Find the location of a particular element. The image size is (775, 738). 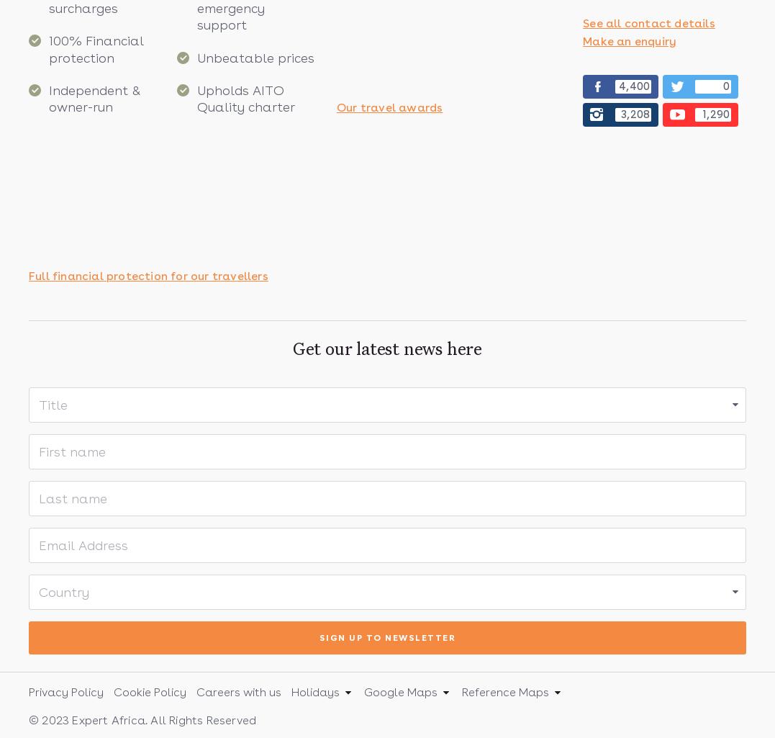

'0' is located at coordinates (725, 86).